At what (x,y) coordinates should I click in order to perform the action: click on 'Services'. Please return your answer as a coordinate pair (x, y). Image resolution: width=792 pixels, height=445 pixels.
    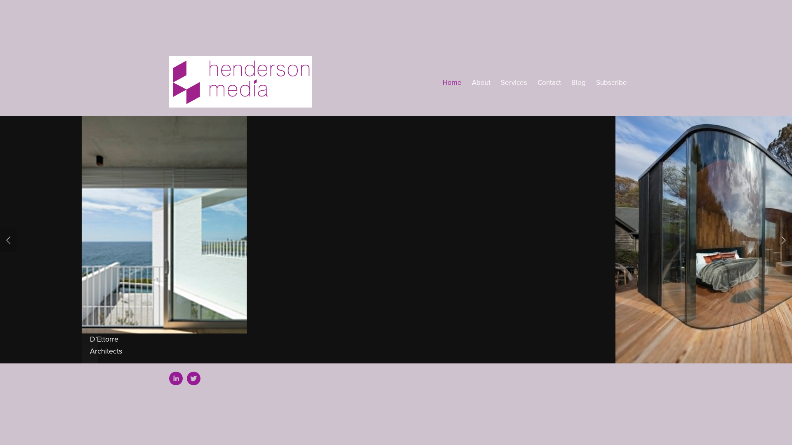
    Looking at the image, I should click on (514, 82).